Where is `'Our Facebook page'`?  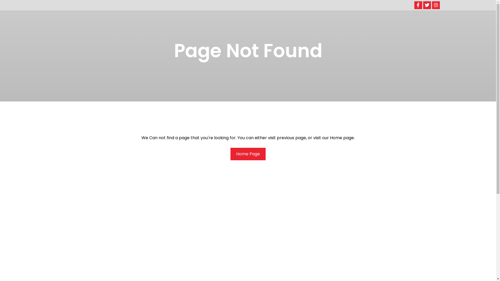 'Our Facebook page' is located at coordinates (418, 5).